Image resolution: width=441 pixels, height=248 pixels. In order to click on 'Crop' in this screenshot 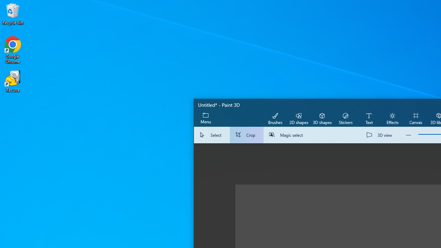, I will do `click(247, 135)`.